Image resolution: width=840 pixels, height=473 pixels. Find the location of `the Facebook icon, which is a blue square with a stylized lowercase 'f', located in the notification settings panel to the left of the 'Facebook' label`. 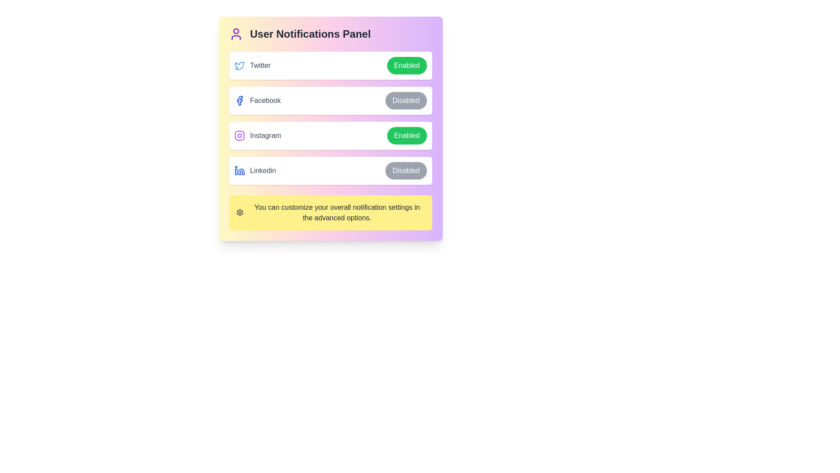

the Facebook icon, which is a blue square with a stylized lowercase 'f', located in the notification settings panel to the left of the 'Facebook' label is located at coordinates (239, 100).